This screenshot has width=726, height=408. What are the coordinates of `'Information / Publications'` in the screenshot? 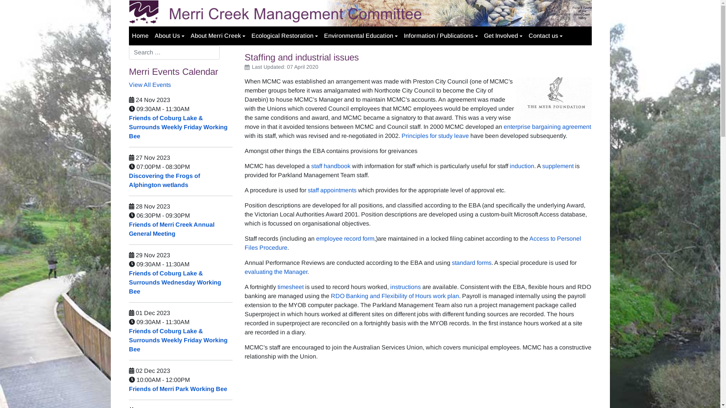 It's located at (441, 36).